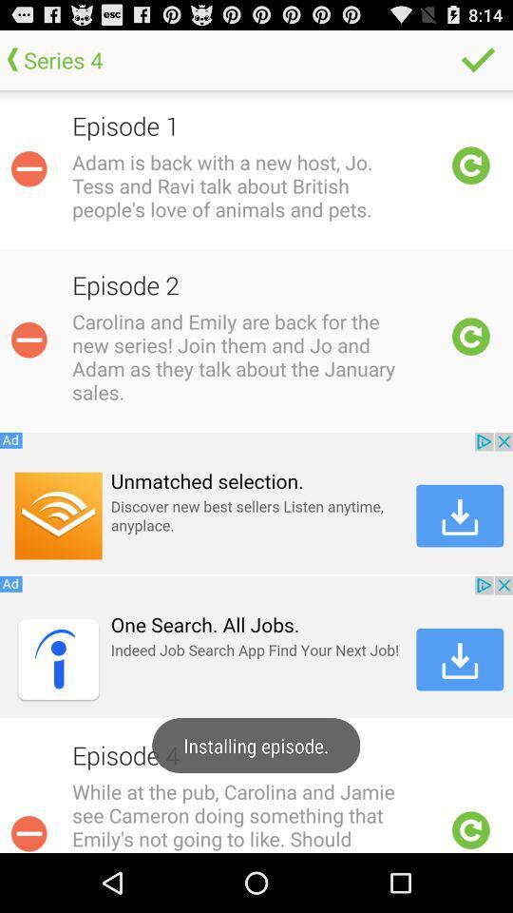  I want to click on watch episode 3, so click(470, 829).